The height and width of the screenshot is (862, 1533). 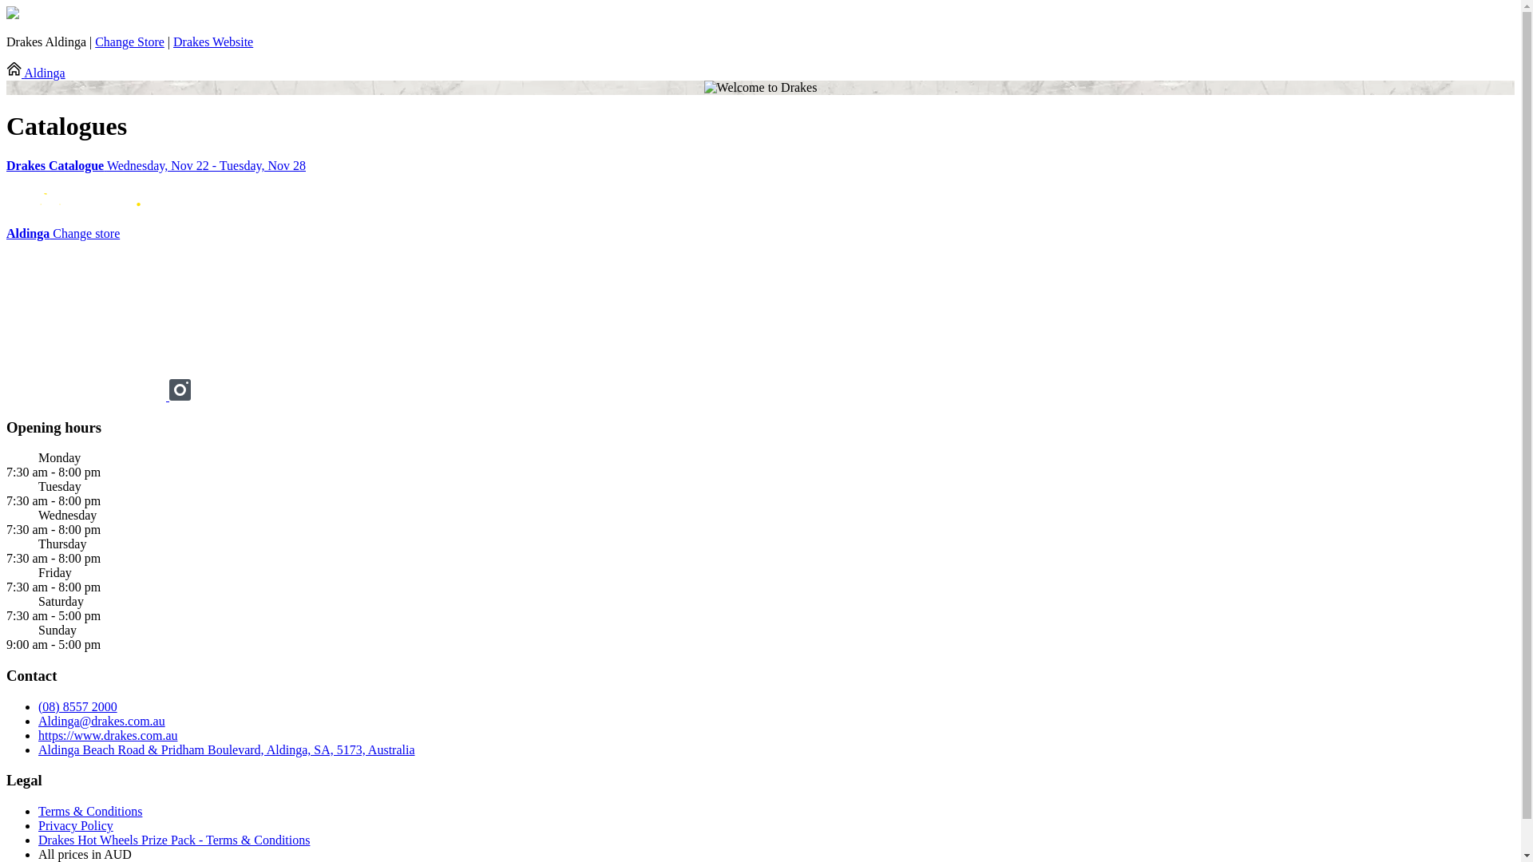 I want to click on 'Aldinga Change store', so click(x=62, y=233).